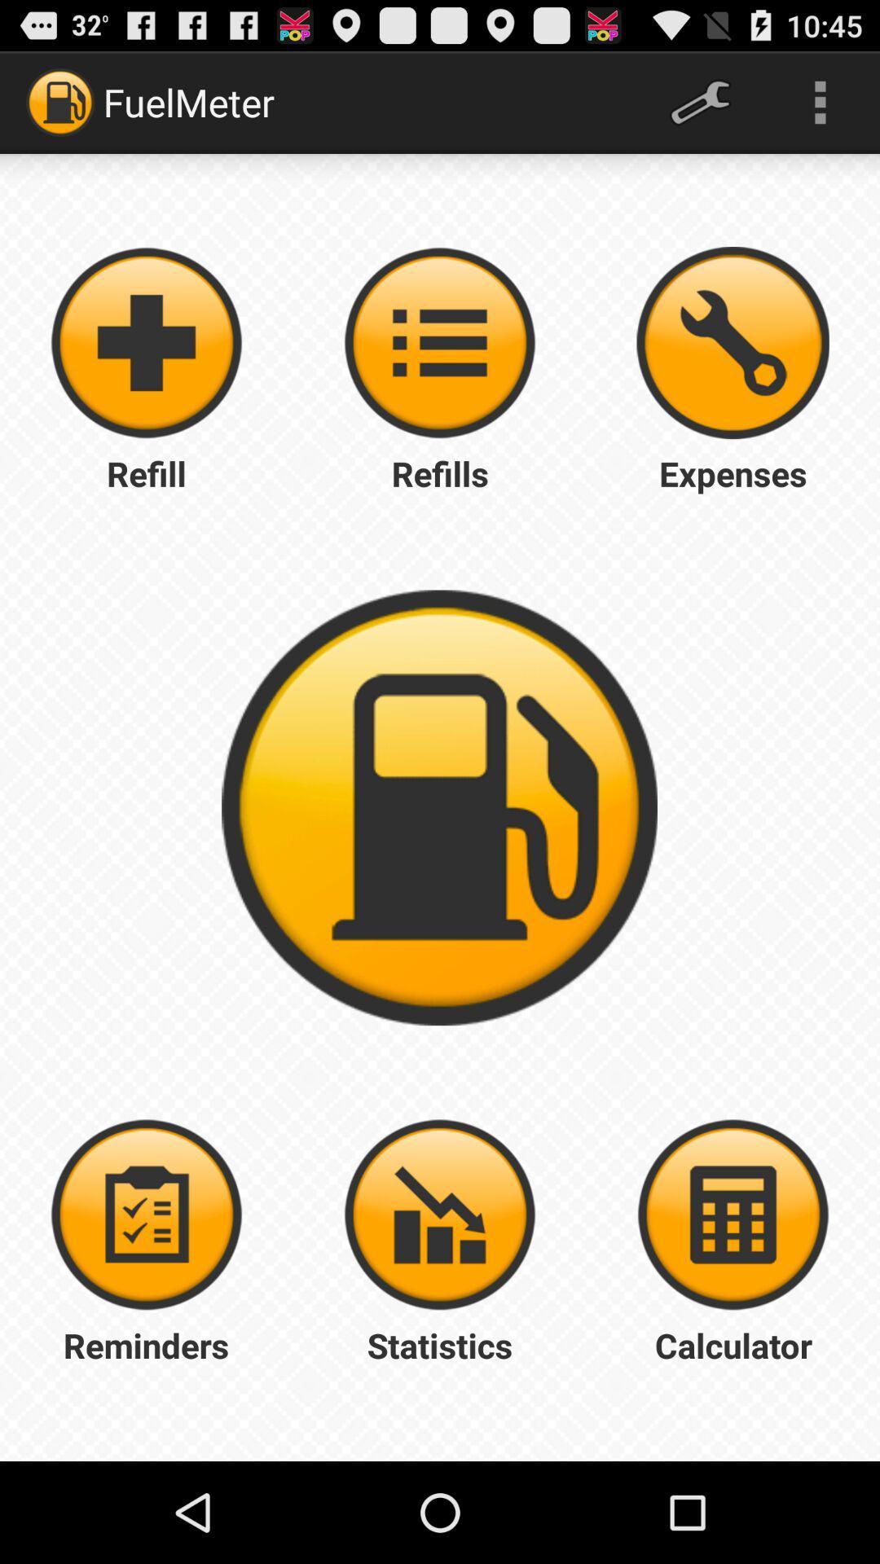  Describe the element at coordinates (440, 342) in the screenshot. I see `something again` at that location.